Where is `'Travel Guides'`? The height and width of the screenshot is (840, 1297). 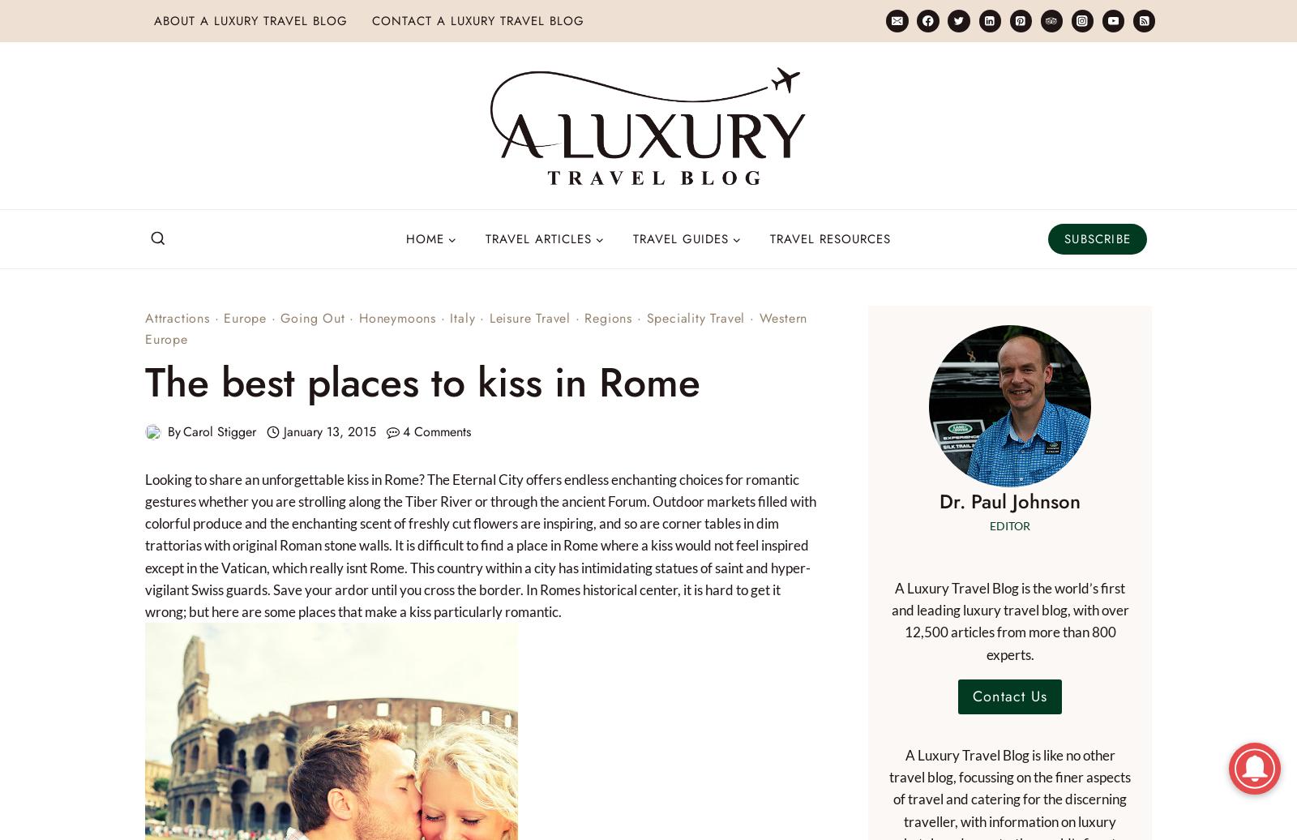
'Travel Guides' is located at coordinates (680, 238).